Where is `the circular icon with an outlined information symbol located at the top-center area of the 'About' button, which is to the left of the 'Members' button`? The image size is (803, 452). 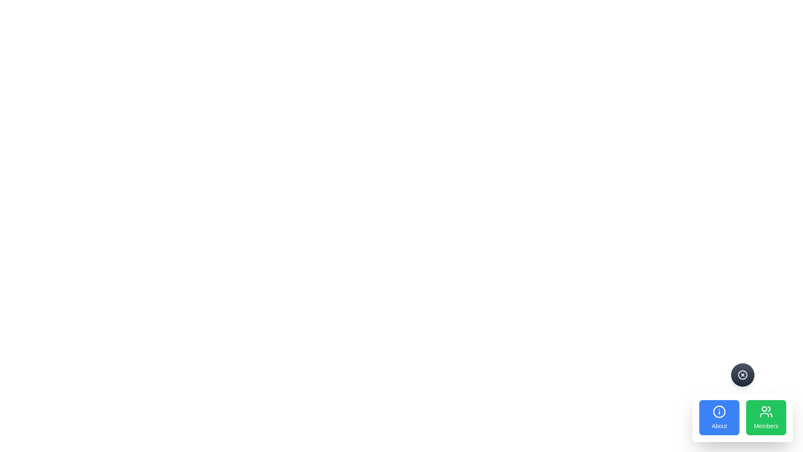
the circular icon with an outlined information symbol located at the top-center area of the 'About' button, which is to the left of the 'Members' button is located at coordinates (719, 411).